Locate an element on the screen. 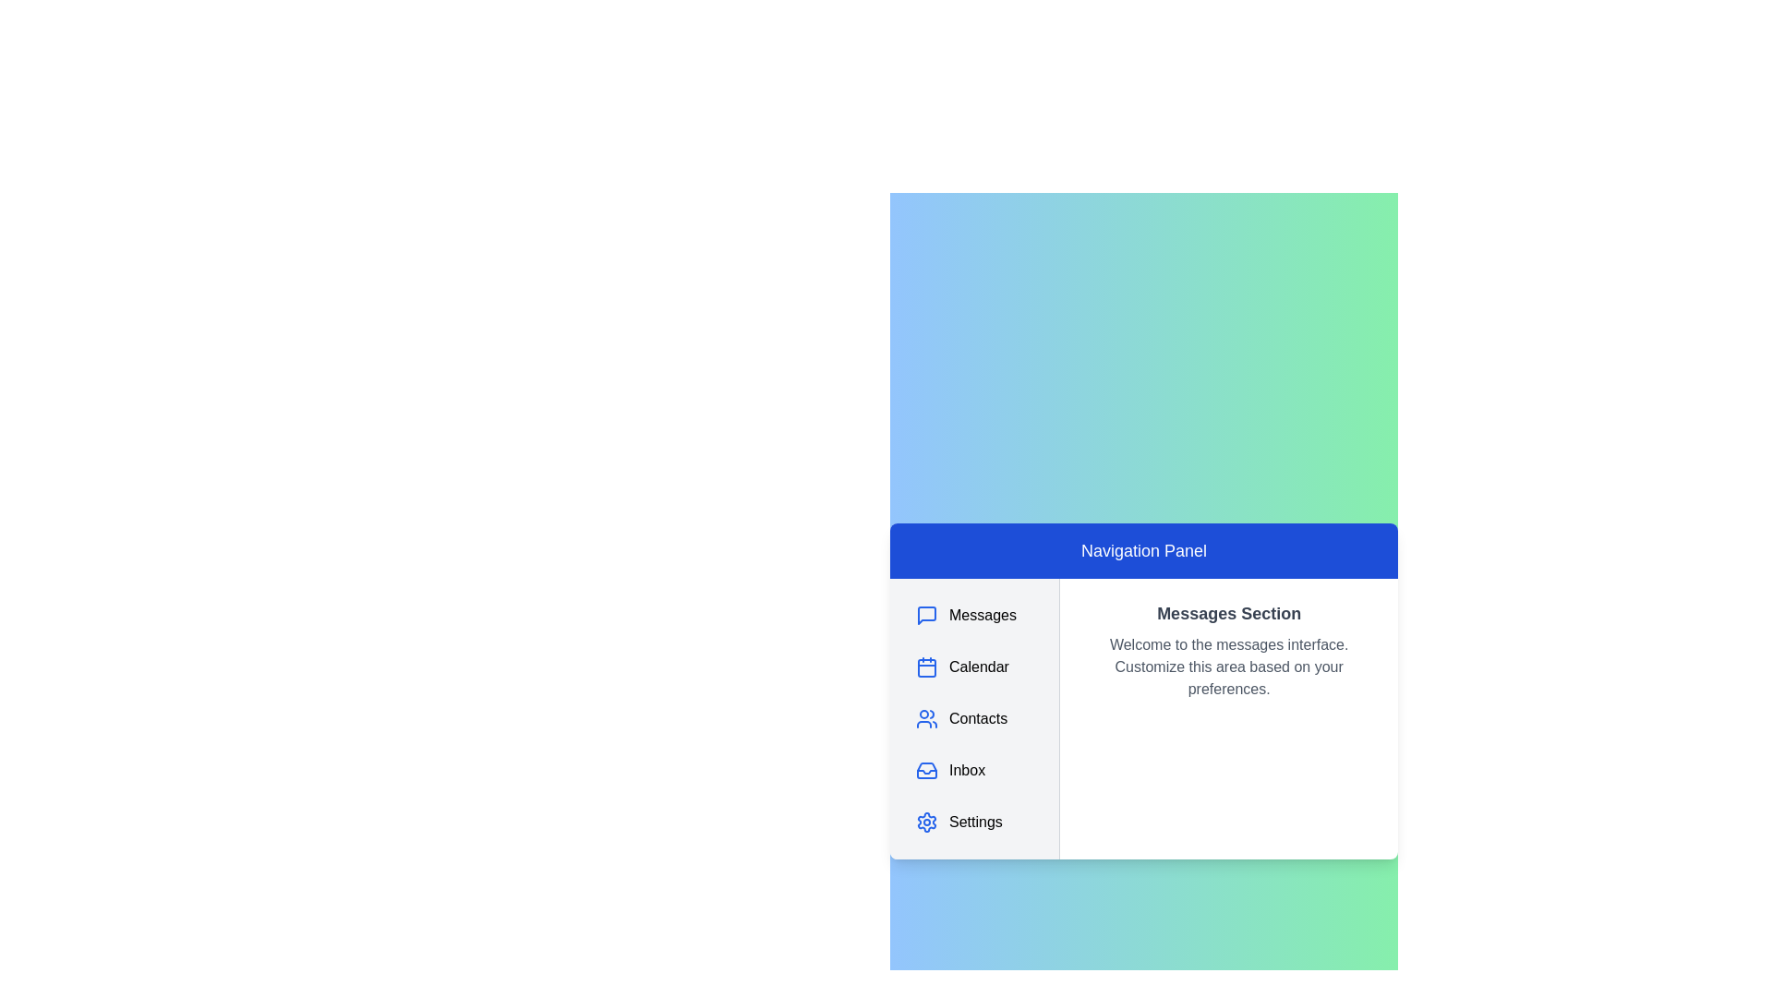 This screenshot has width=1773, height=997. the navigation panel item corresponding to Contacts is located at coordinates (973, 718).